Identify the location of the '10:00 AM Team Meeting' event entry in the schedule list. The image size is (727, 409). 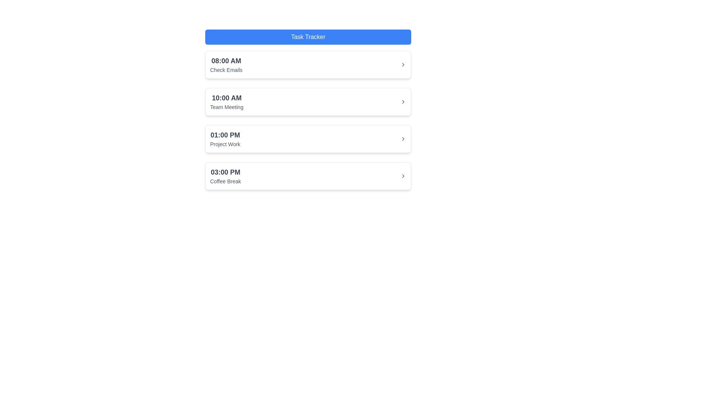
(308, 109).